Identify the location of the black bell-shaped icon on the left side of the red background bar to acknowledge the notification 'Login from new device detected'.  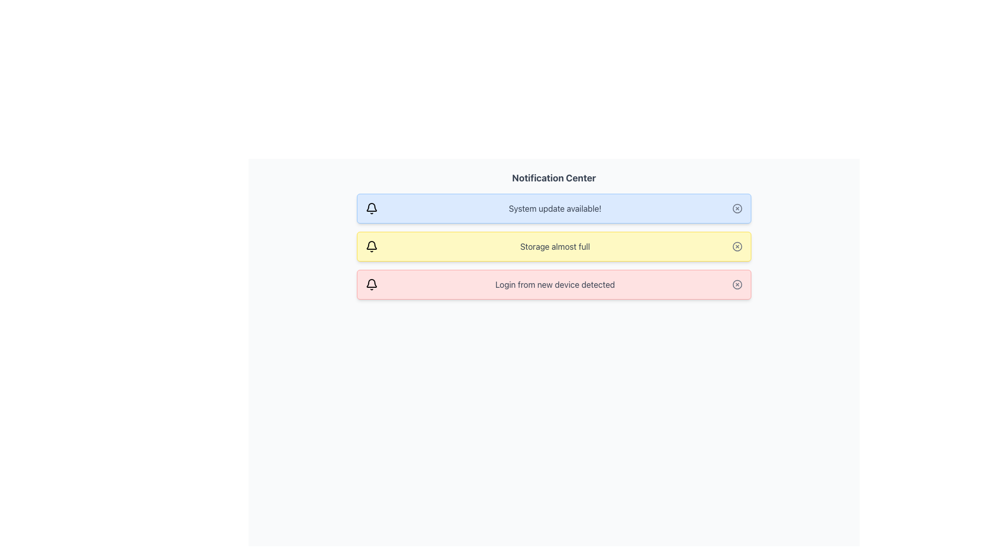
(371, 283).